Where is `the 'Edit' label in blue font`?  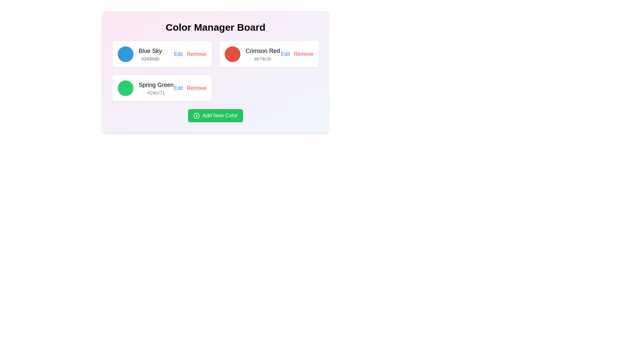
the 'Edit' label in blue font is located at coordinates (178, 88).